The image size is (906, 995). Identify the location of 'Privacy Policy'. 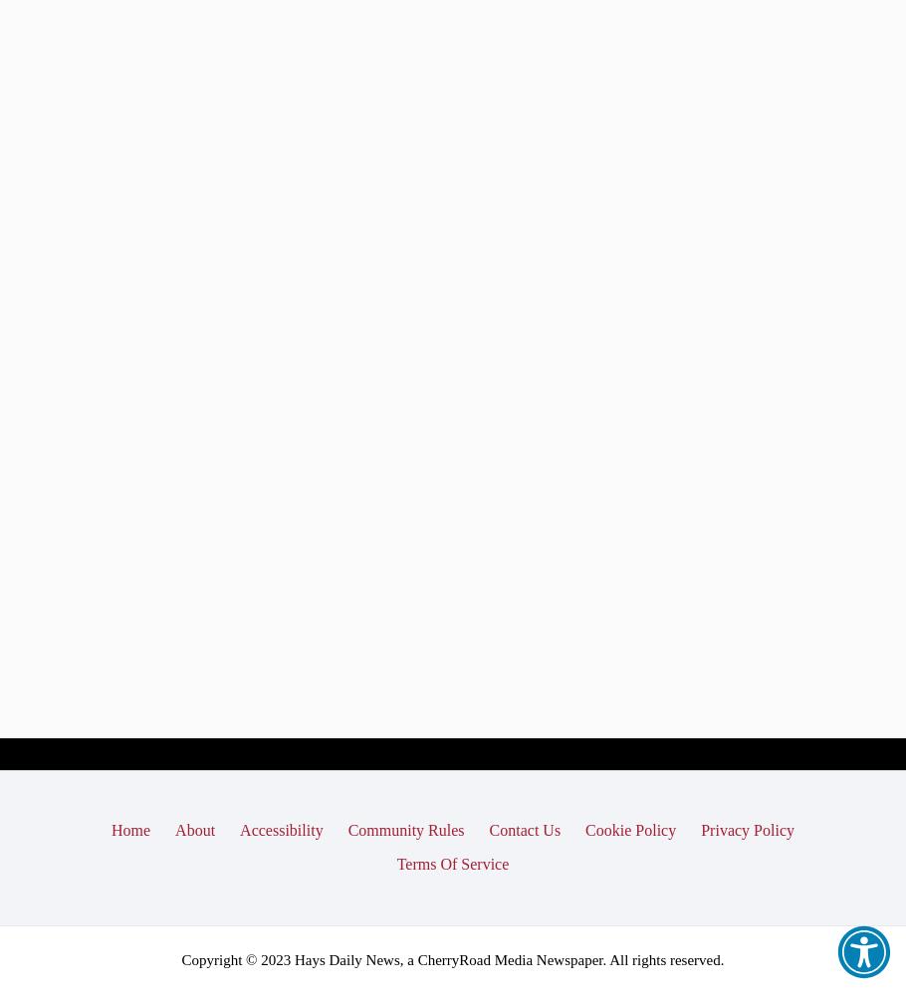
(747, 829).